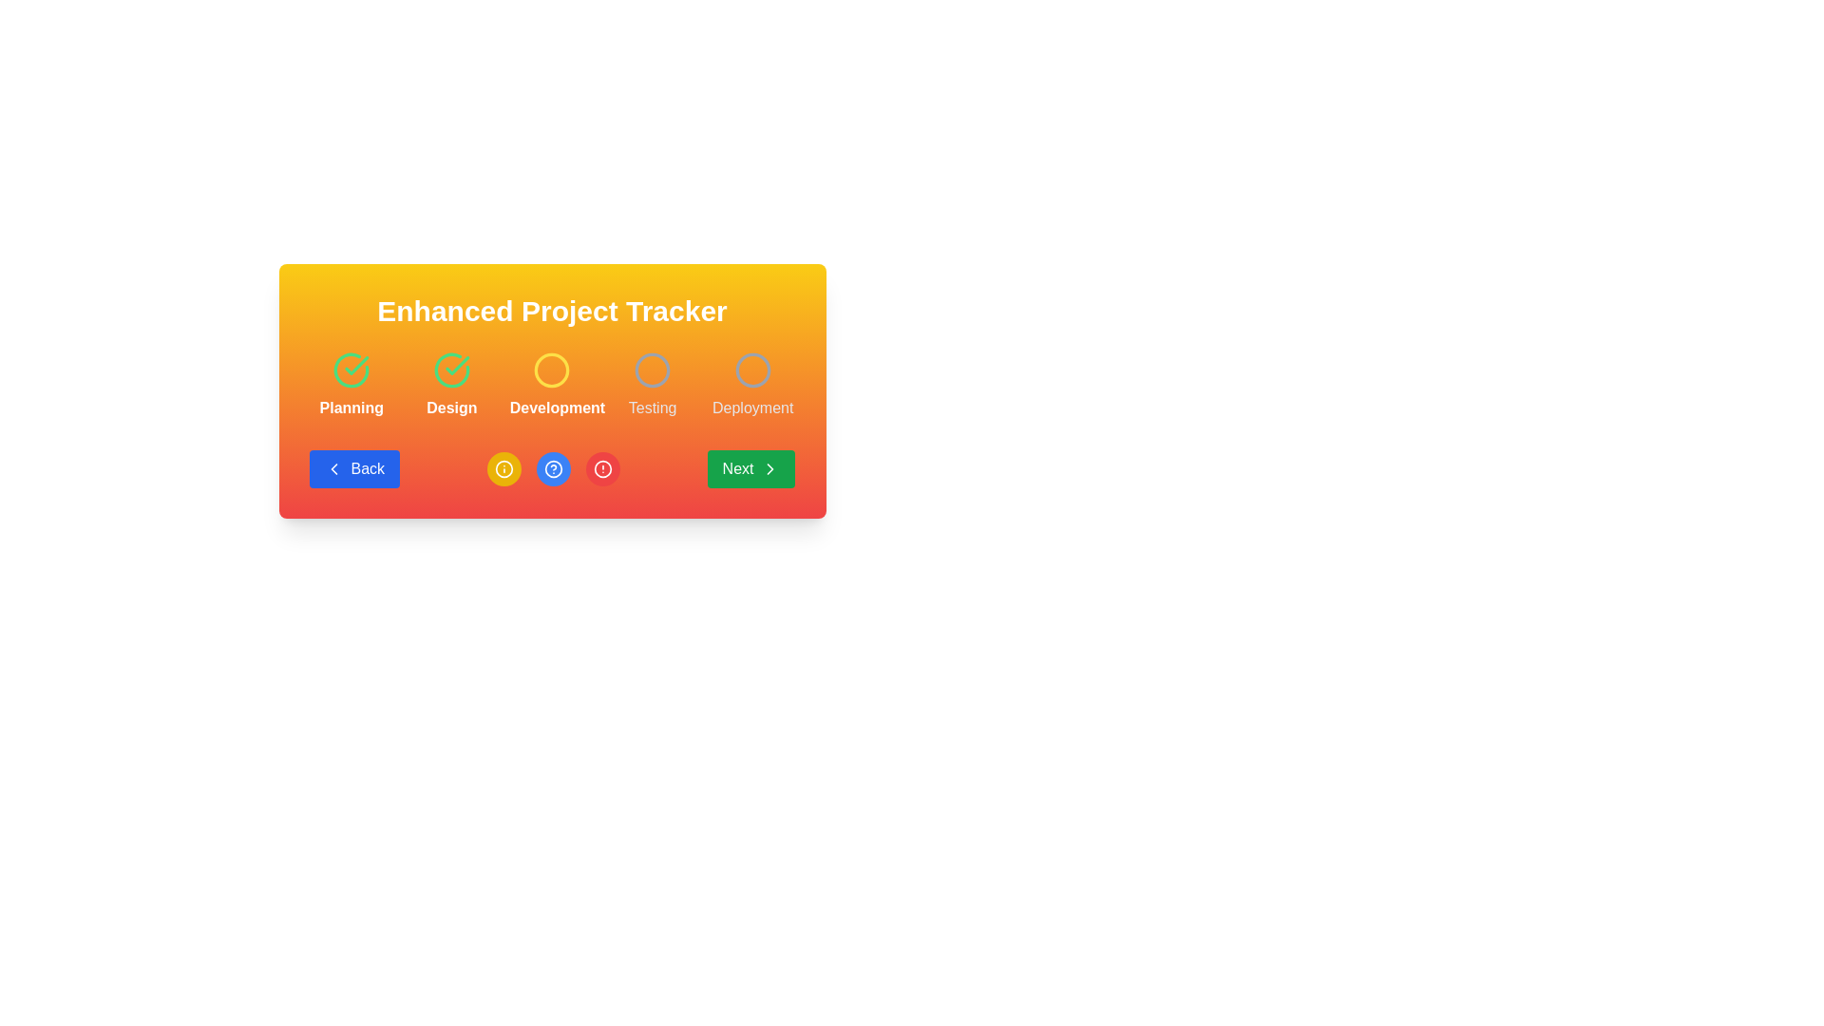  I want to click on or highlight the third circular yellow icon with a hollow center above the 'Development' label in the 'Enhanced Project Tracker' interface, so click(551, 370).